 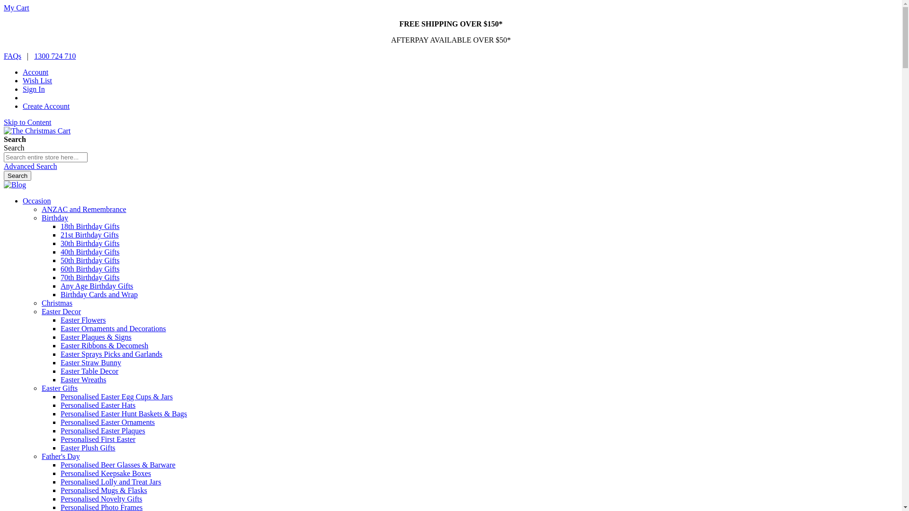 I want to click on 'Create Account', so click(x=45, y=106).